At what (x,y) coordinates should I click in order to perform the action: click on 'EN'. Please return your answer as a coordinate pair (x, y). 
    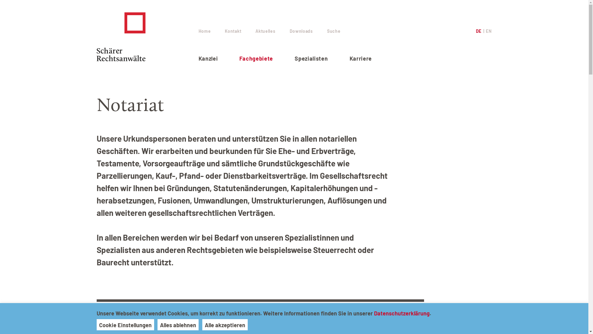
    Looking at the image, I should click on (486, 31).